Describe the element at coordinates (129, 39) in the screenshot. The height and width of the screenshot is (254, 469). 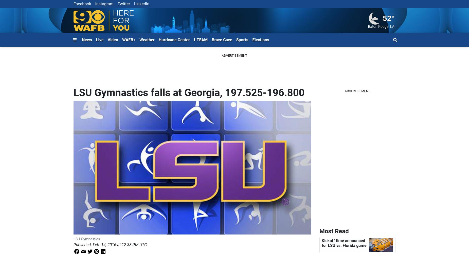
I see `'WAFB+'` at that location.